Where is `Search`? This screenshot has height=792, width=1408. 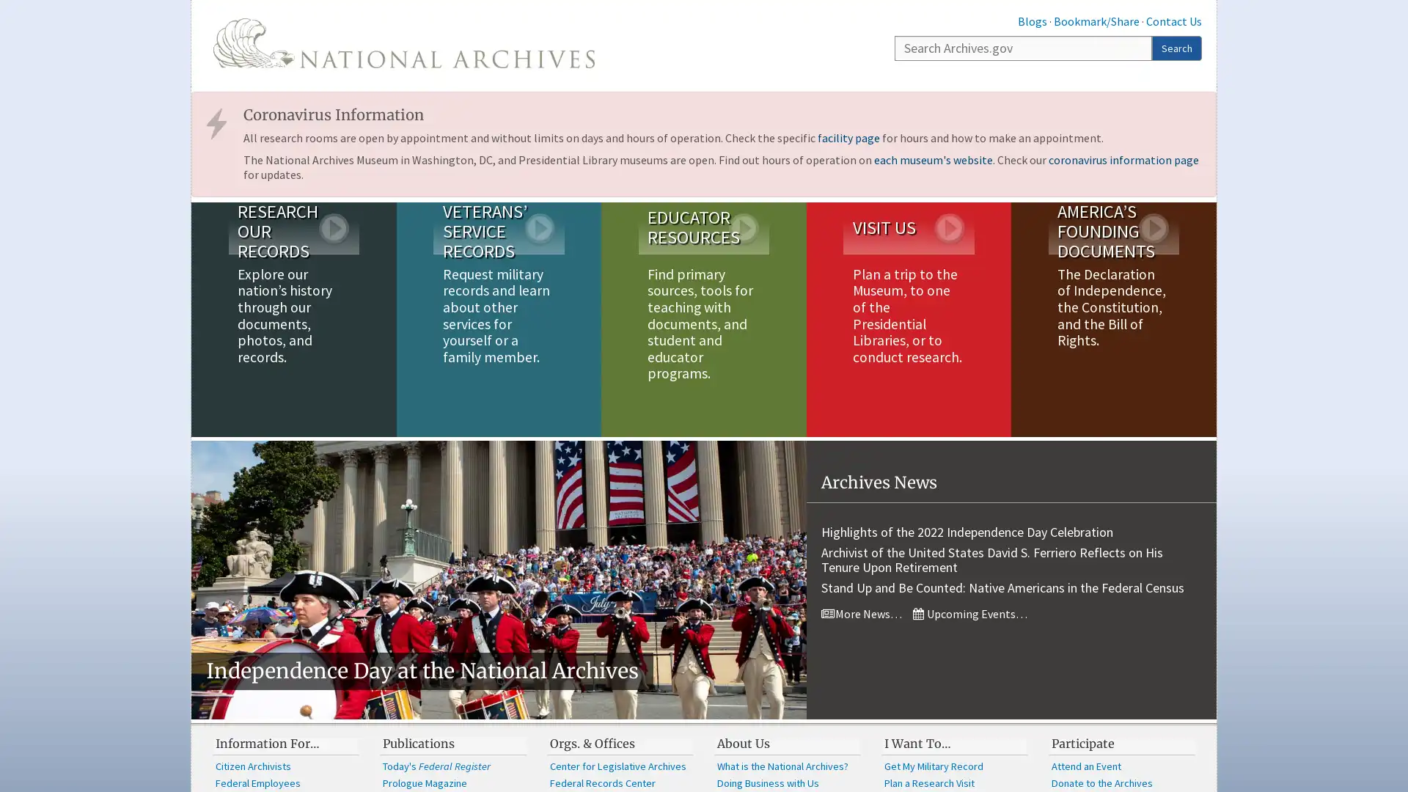
Search is located at coordinates (1176, 47).